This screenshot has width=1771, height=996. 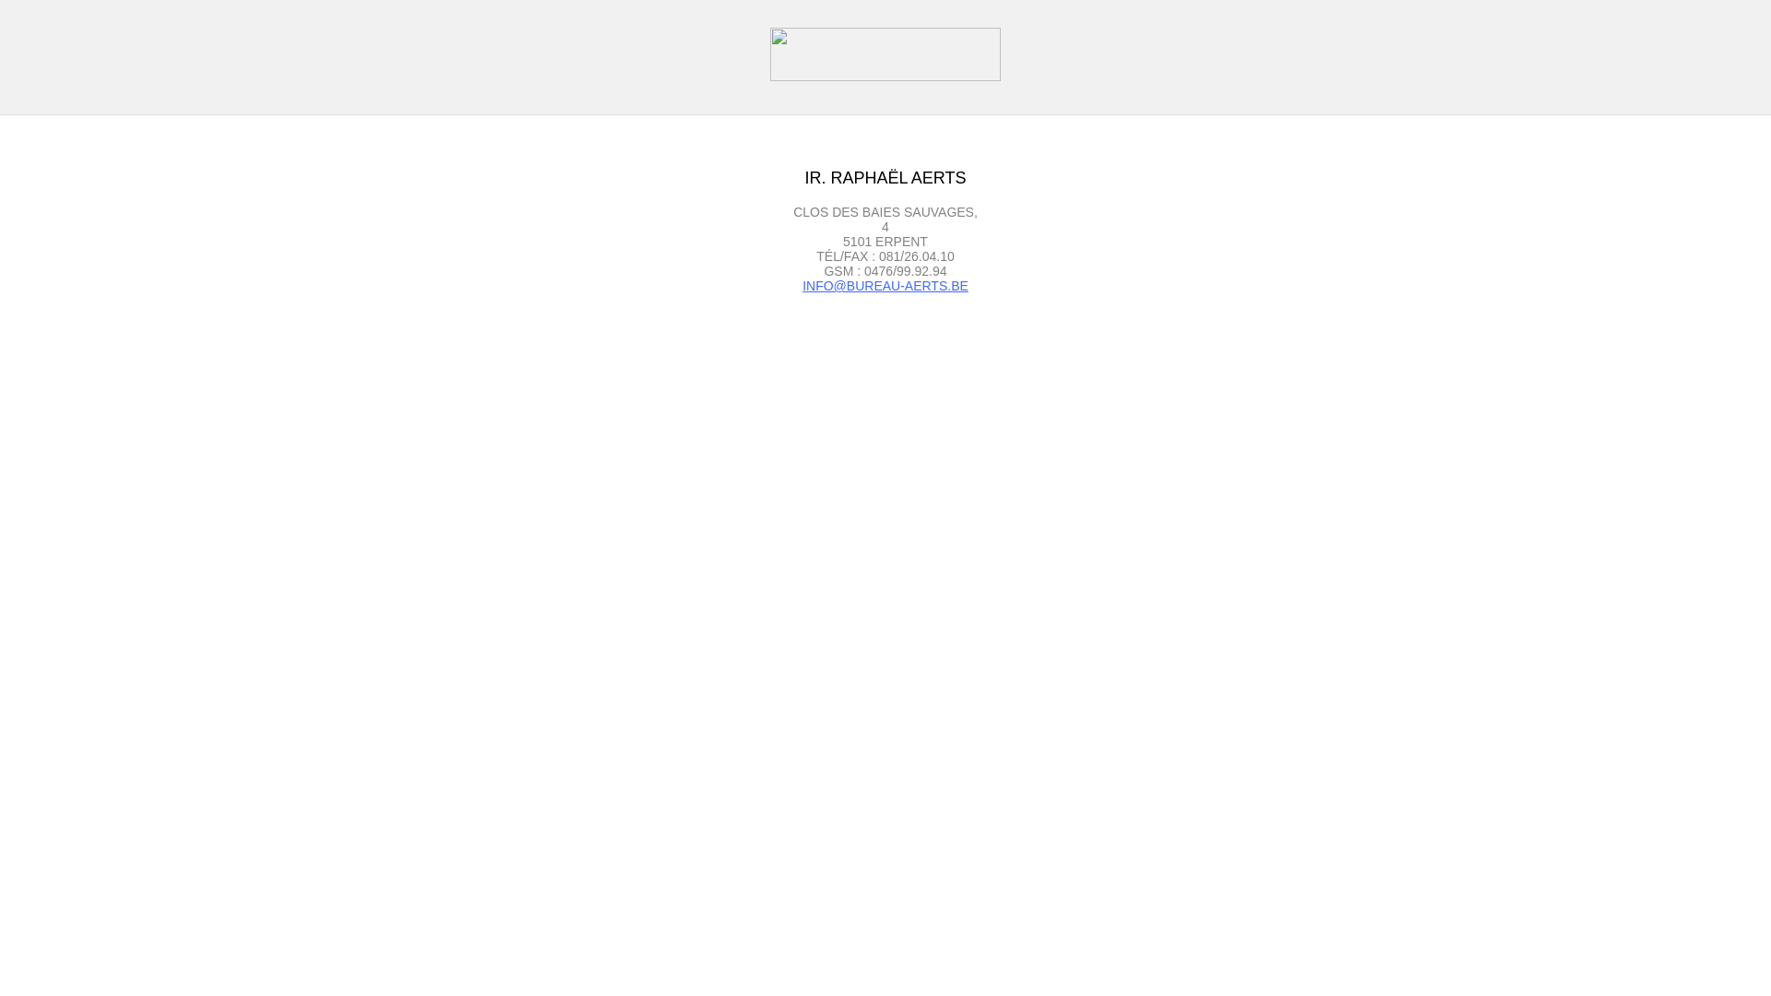 What do you see at coordinates (885, 285) in the screenshot?
I see `'INFO@BUREAU-AERTS.BE'` at bounding box center [885, 285].